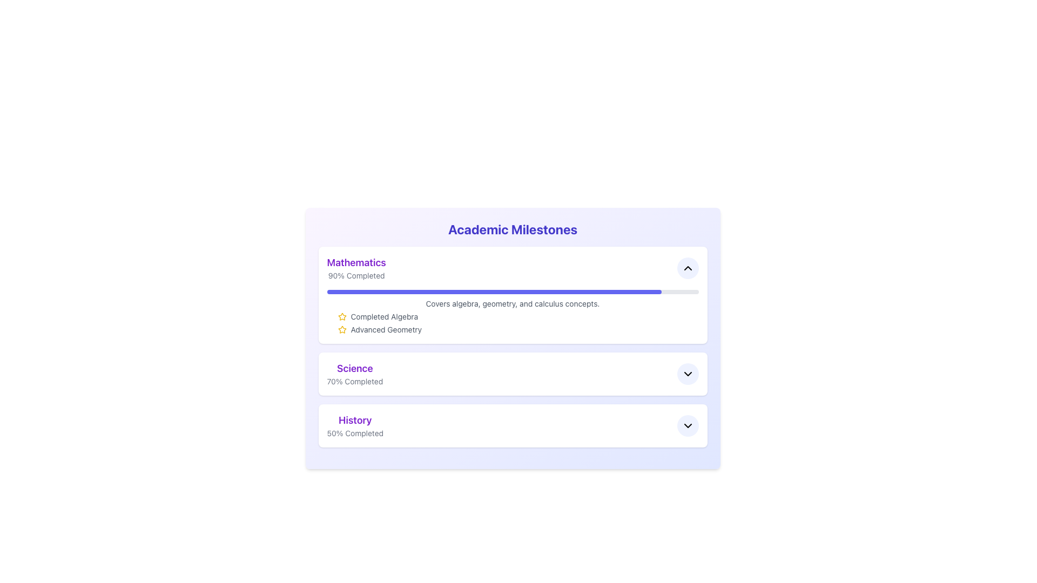 This screenshot has width=1037, height=583. Describe the element at coordinates (341, 316) in the screenshot. I see `the yellow star icon next to the 'Completed Algebra' label` at that location.